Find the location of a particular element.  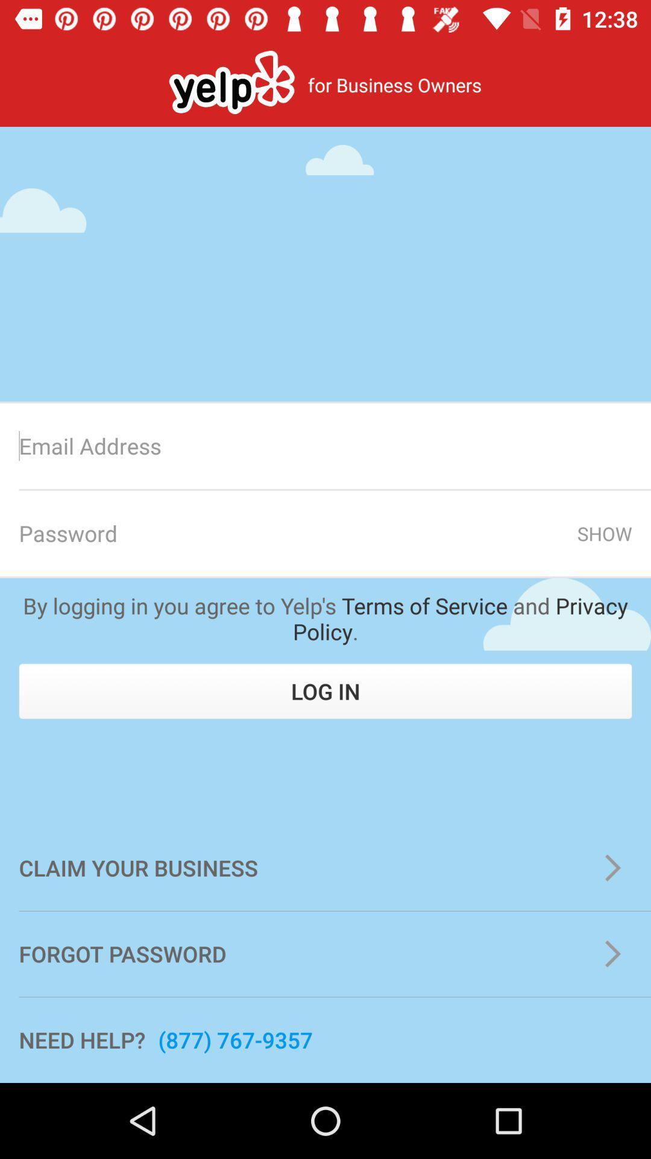

show item is located at coordinates (605, 532).